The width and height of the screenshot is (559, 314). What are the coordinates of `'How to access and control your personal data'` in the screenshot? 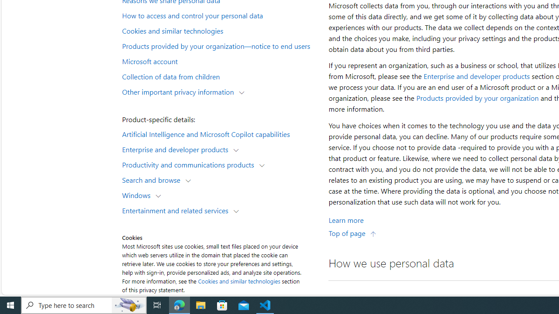 It's located at (220, 15).